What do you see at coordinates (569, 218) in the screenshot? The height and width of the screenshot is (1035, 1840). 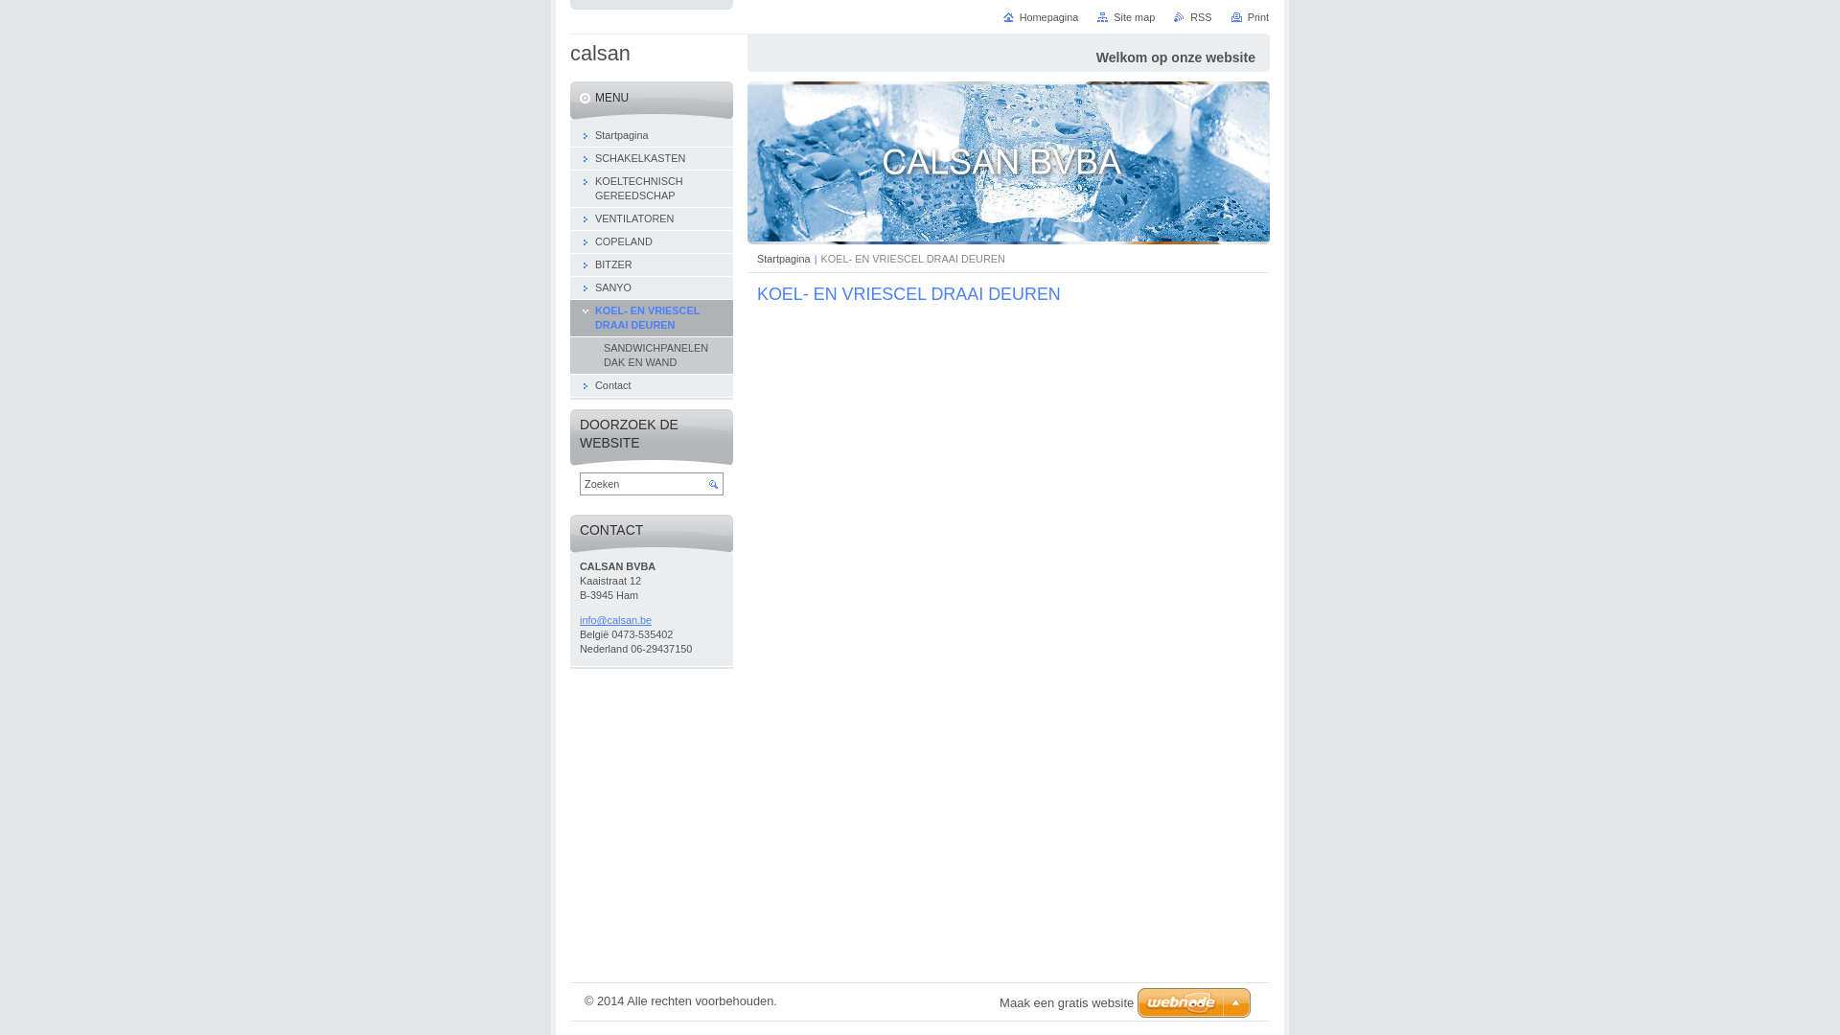 I see `'VENTILATOREN'` at bounding box center [569, 218].